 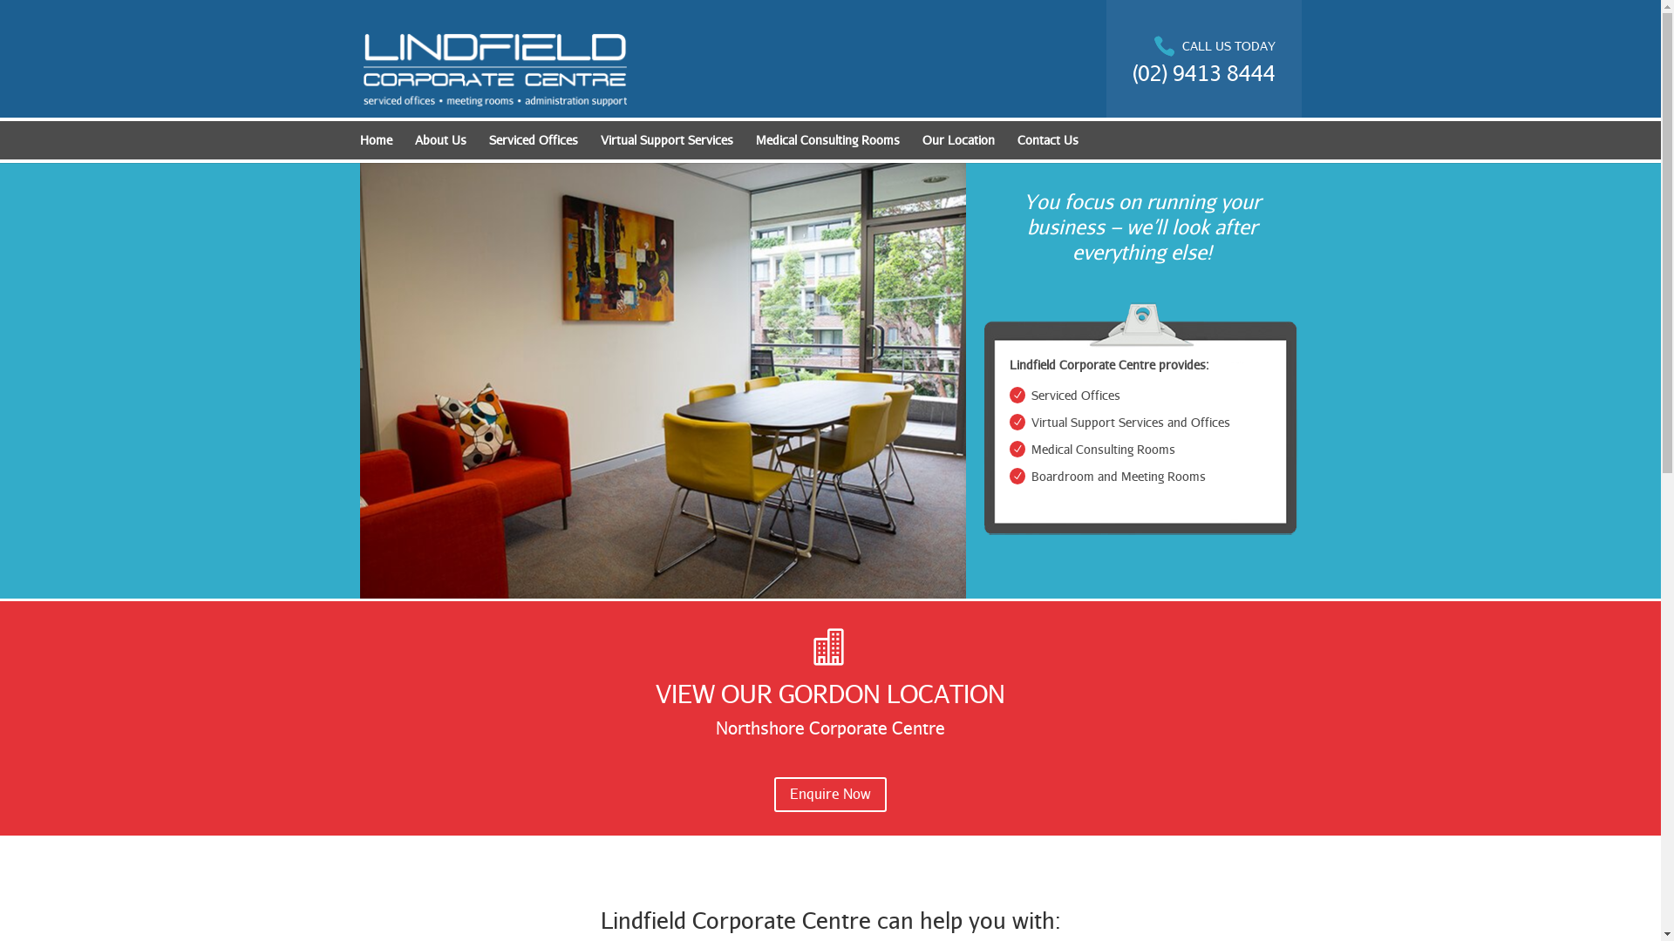 I want to click on 'Enquire Now', so click(x=829, y=795).